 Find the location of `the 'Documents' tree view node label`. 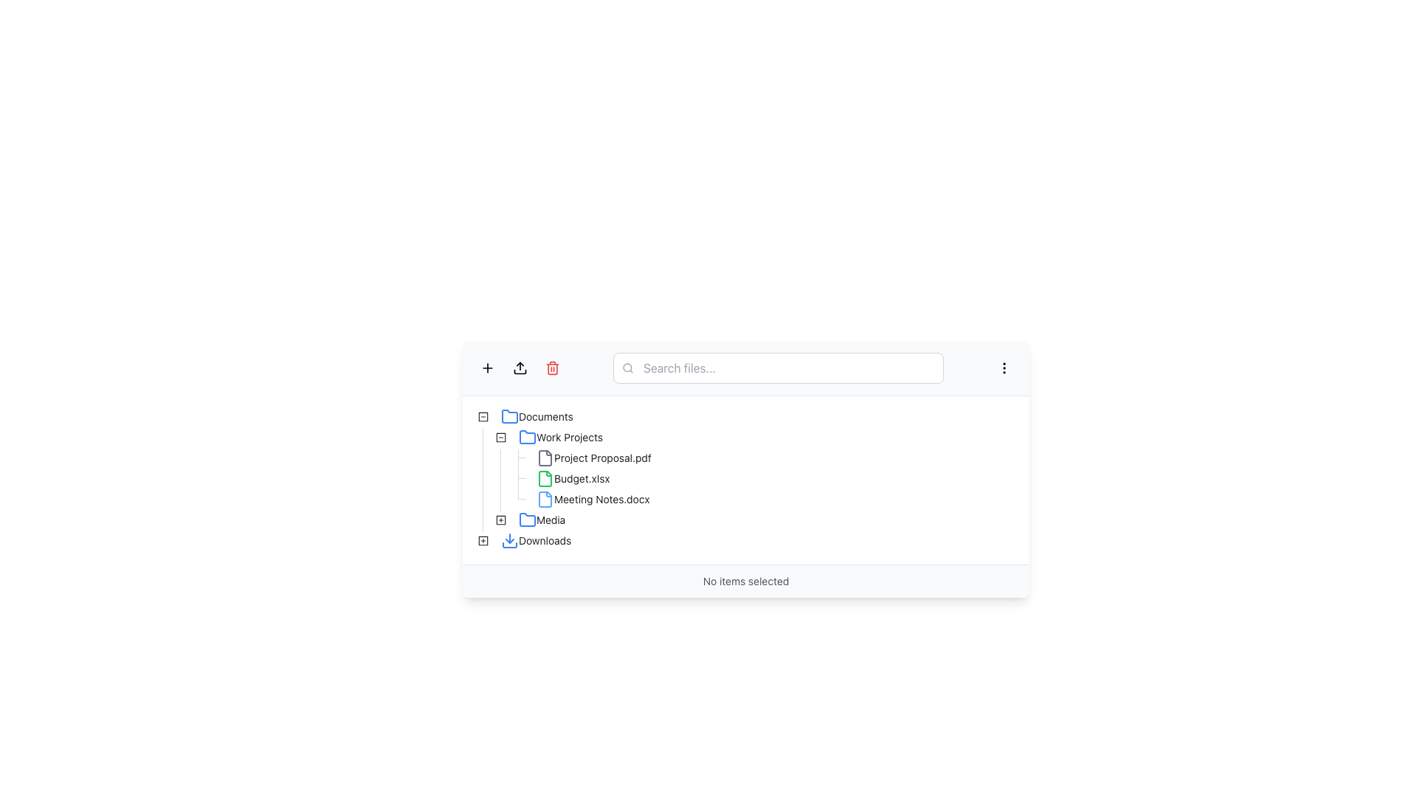

the 'Documents' tree view node label is located at coordinates (545, 416).